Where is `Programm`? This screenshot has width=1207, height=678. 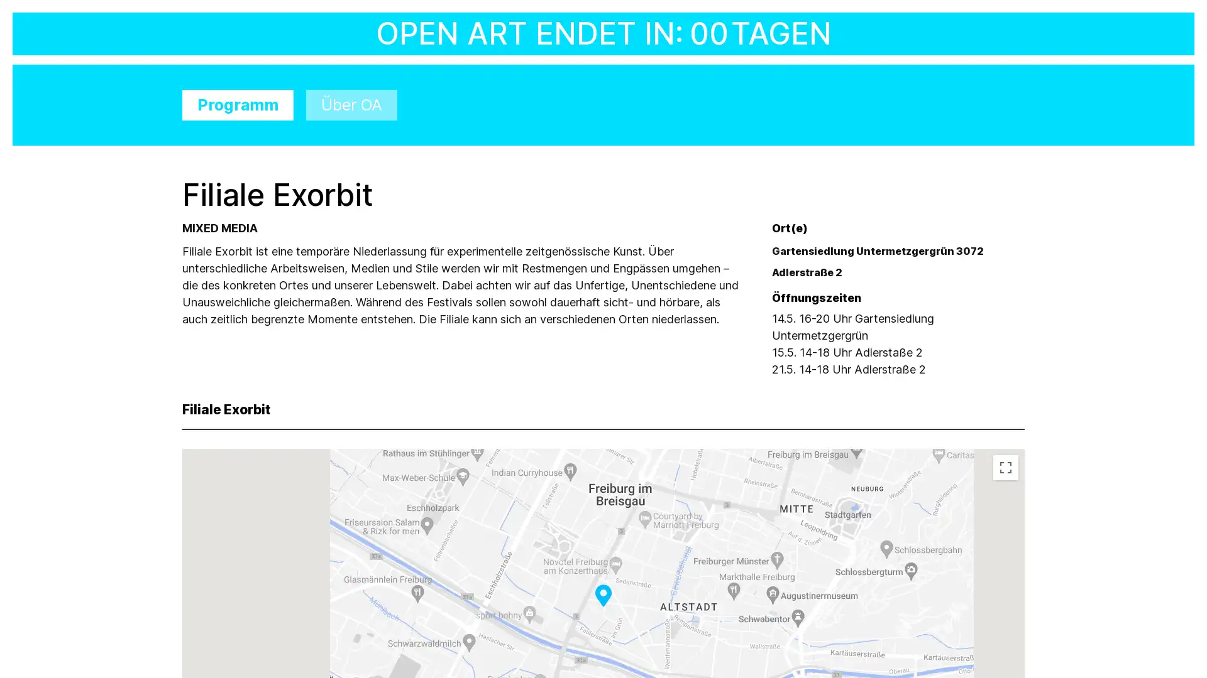
Programm is located at coordinates (238, 104).